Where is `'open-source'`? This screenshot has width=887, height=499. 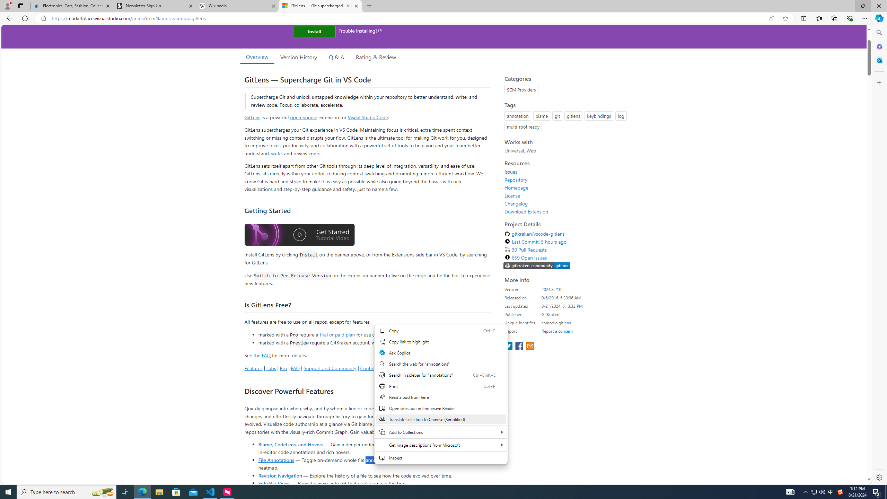
'open-source' is located at coordinates (304, 117).